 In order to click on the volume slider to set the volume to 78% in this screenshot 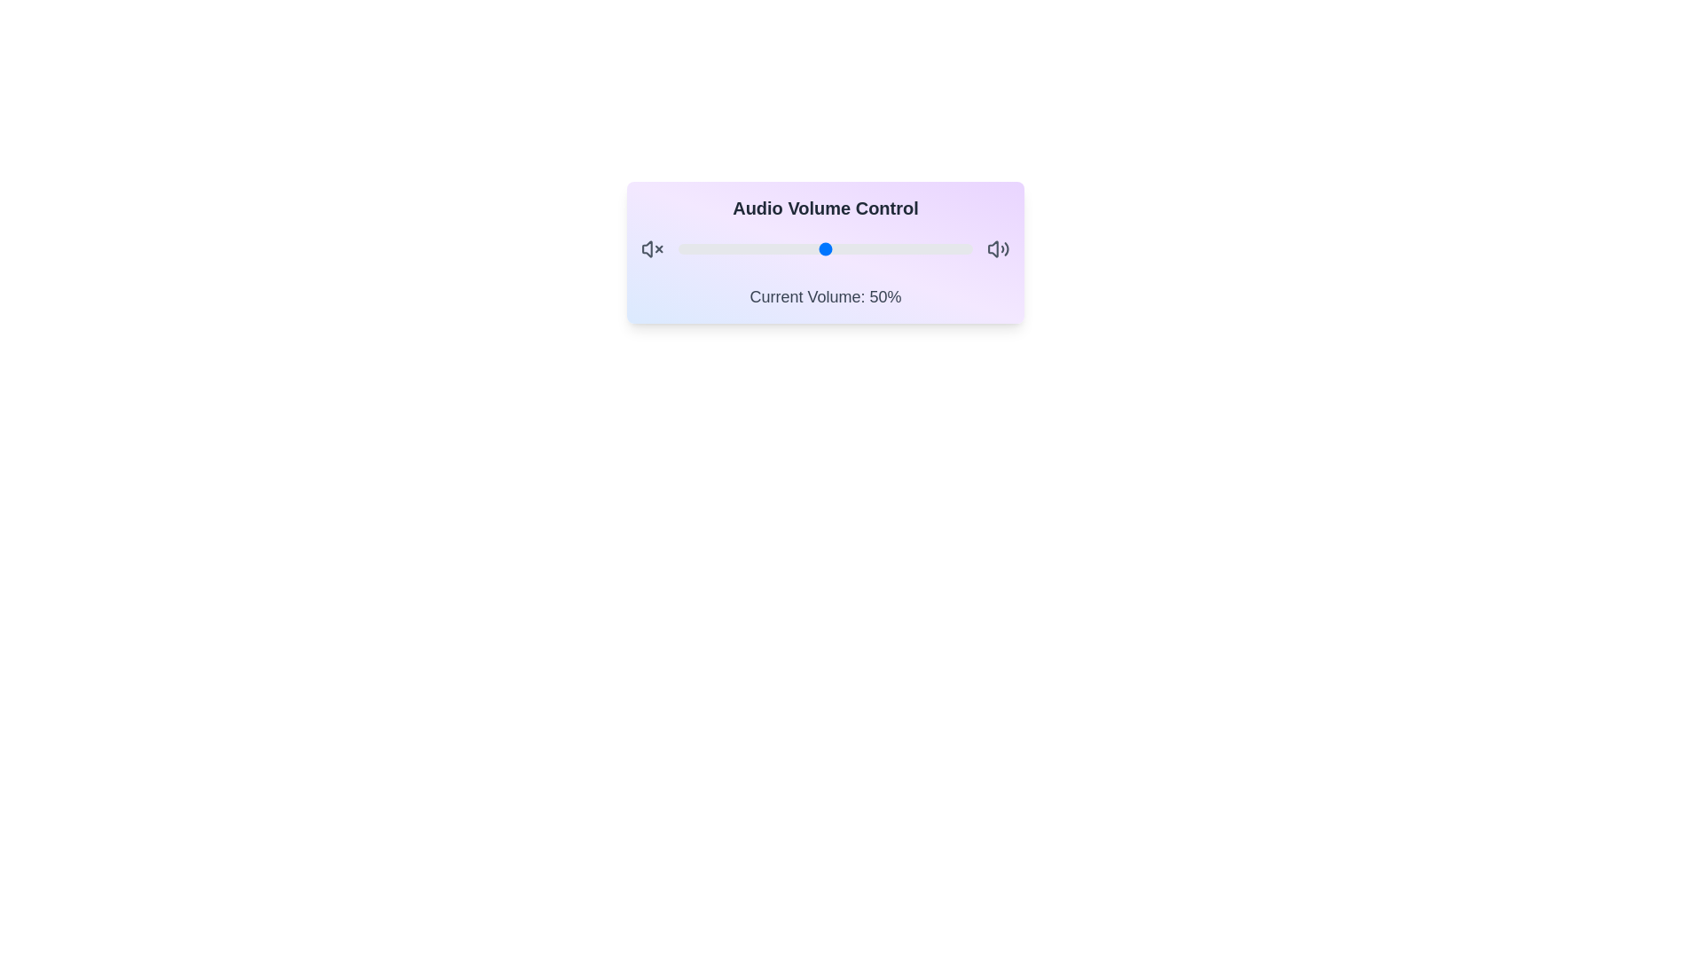, I will do `click(908, 249)`.